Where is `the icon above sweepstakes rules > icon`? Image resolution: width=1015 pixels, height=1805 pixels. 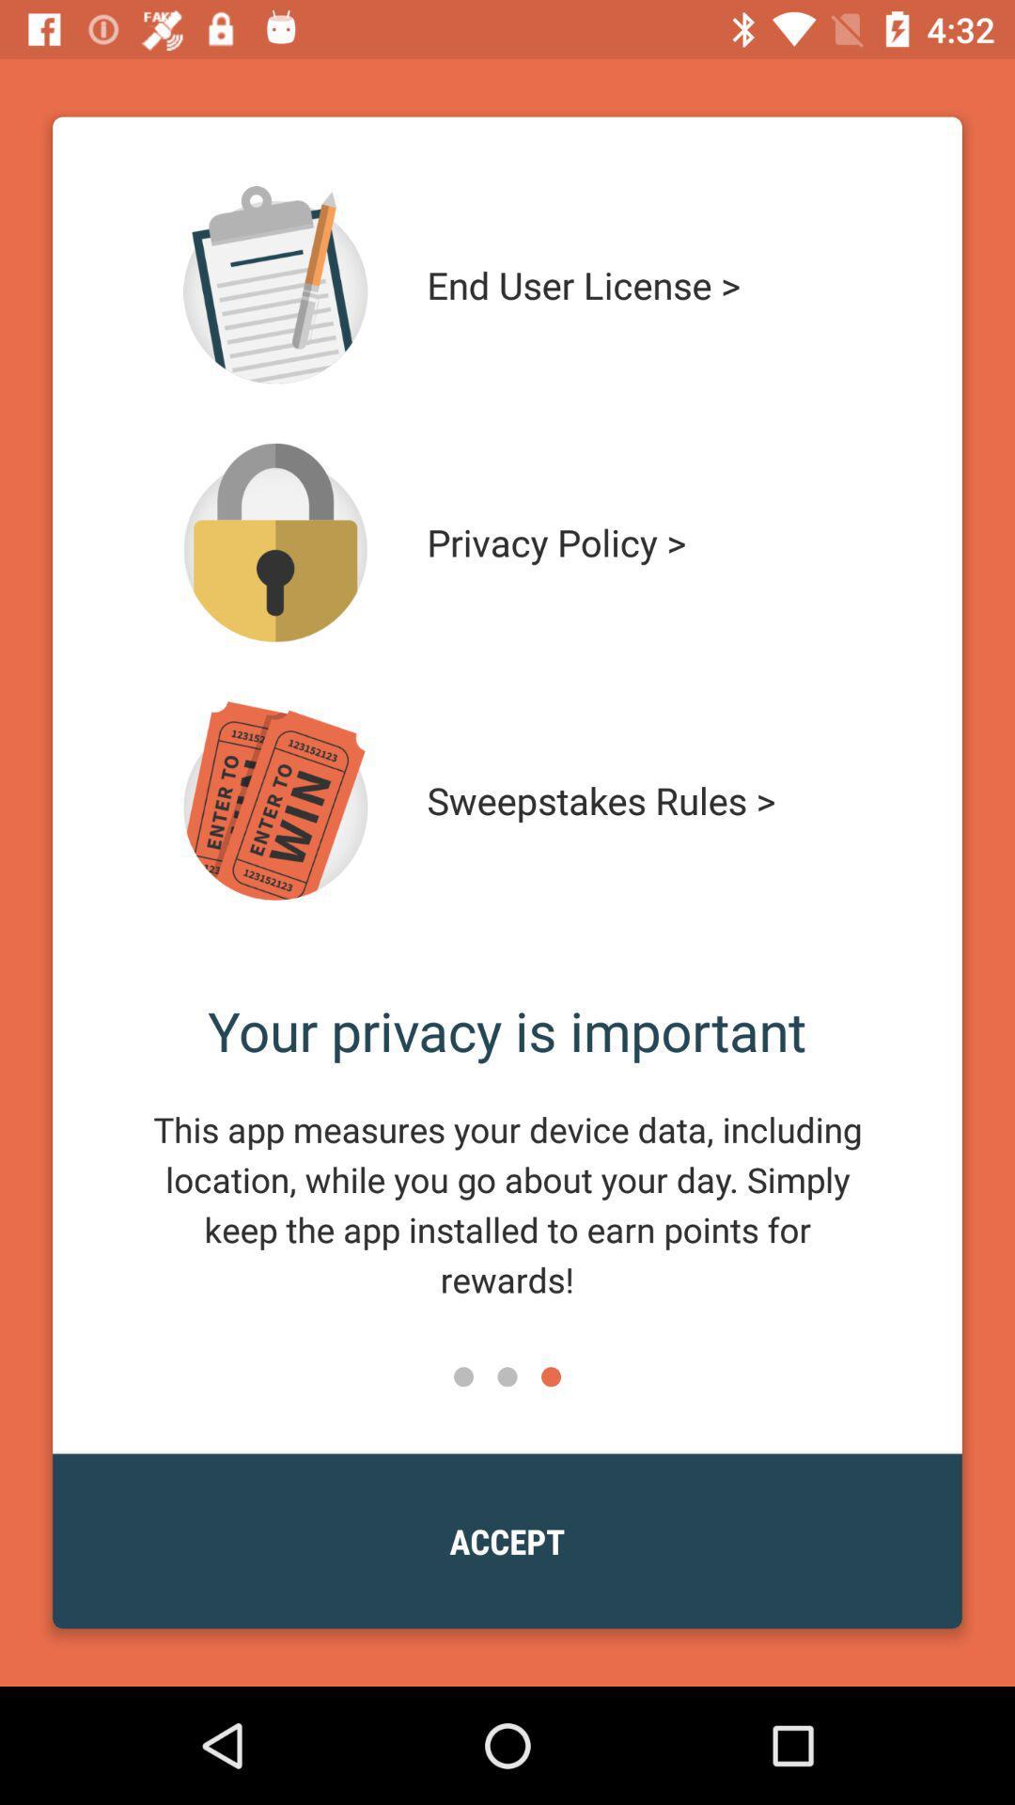 the icon above sweepstakes rules > icon is located at coordinates (636, 541).